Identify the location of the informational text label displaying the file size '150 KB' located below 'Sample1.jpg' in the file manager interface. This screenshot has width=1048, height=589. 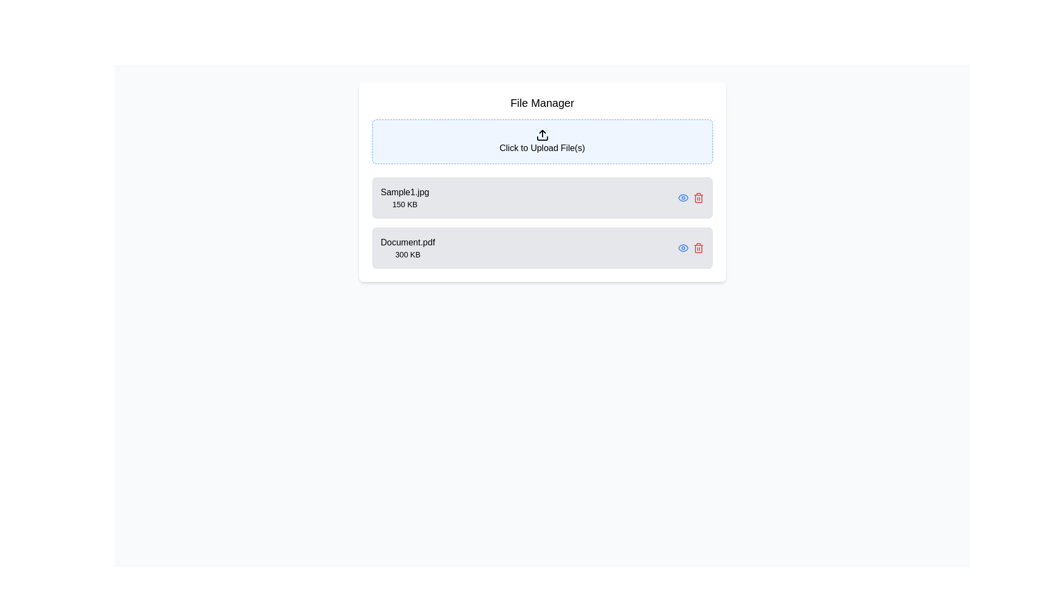
(404, 204).